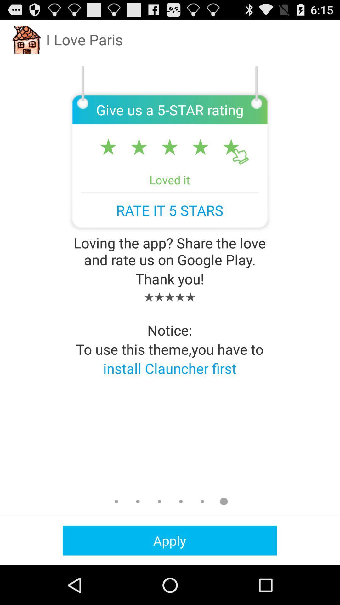  What do you see at coordinates (169, 368) in the screenshot?
I see `the app below to use this` at bounding box center [169, 368].